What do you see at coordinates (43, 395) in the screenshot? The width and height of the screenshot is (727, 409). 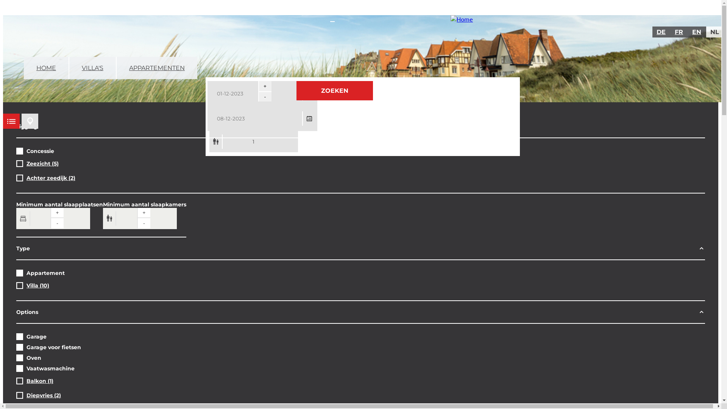 I see `'Diepvries (2)` at bounding box center [43, 395].